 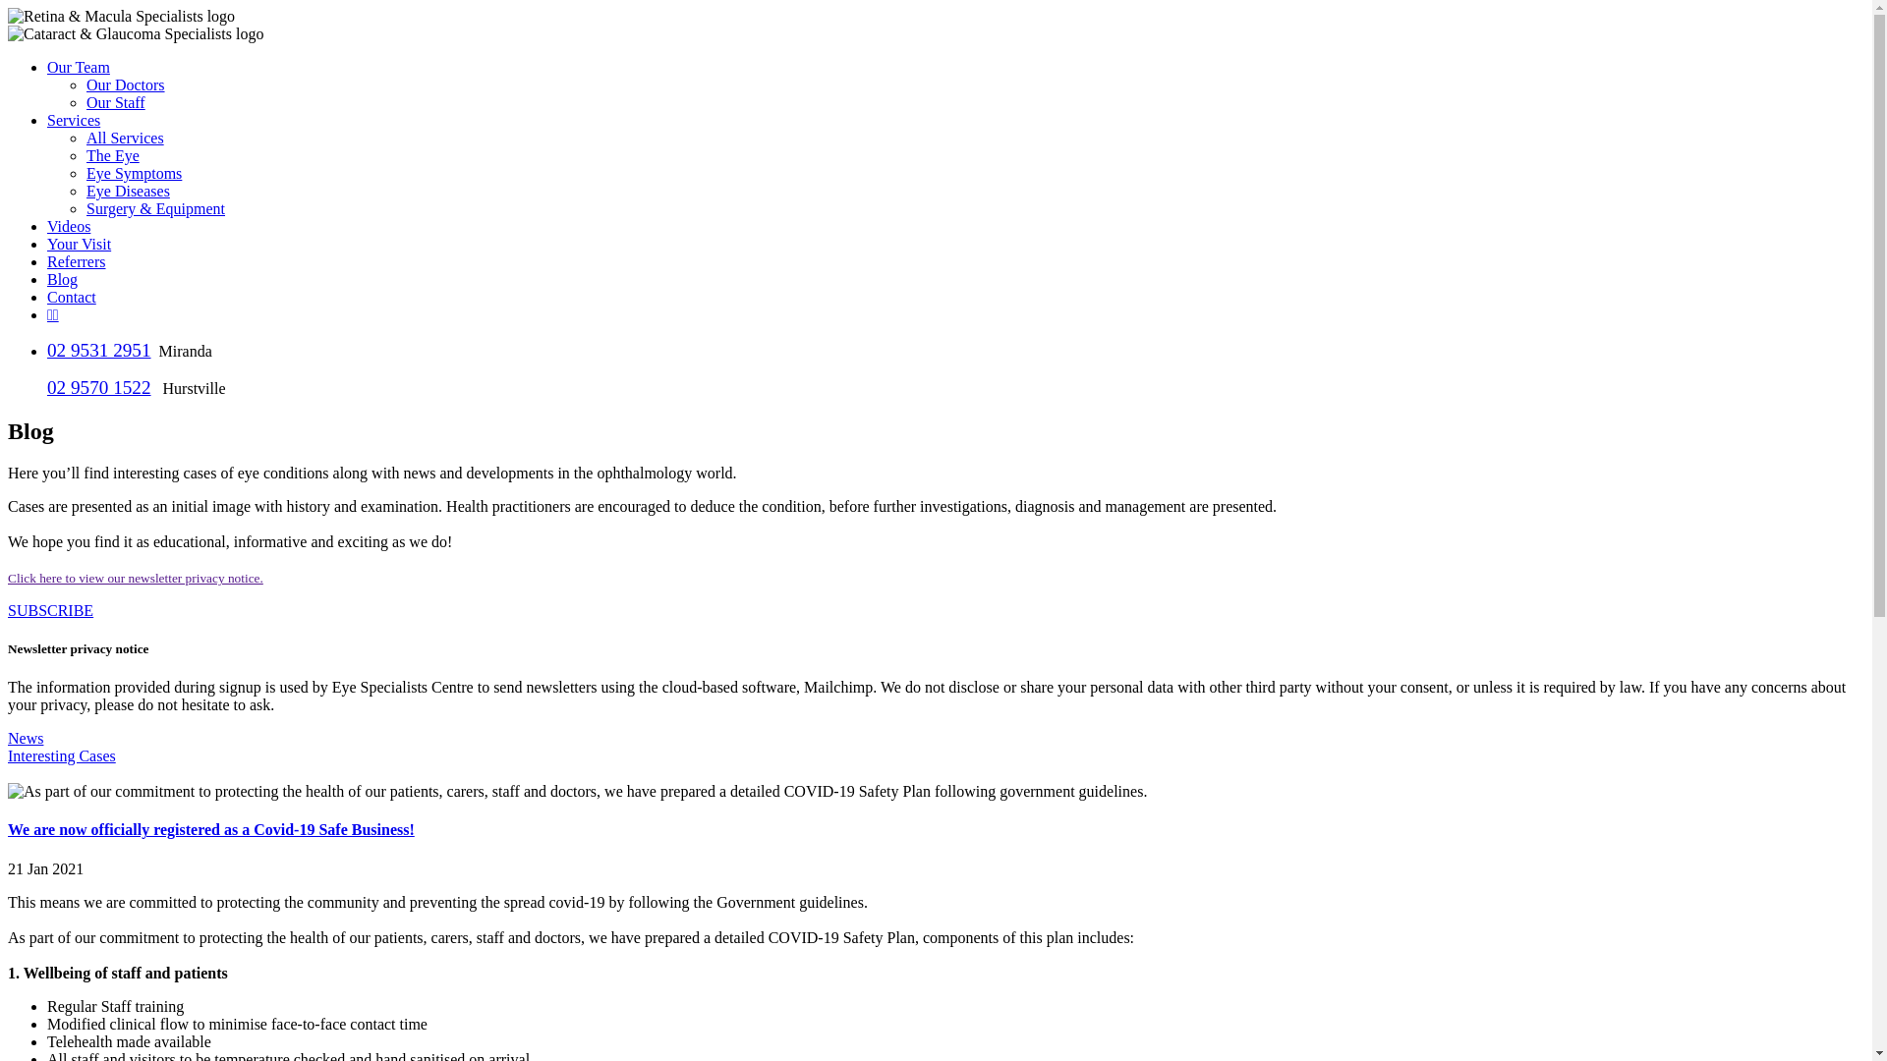 What do you see at coordinates (69, 225) in the screenshot?
I see `'Videos'` at bounding box center [69, 225].